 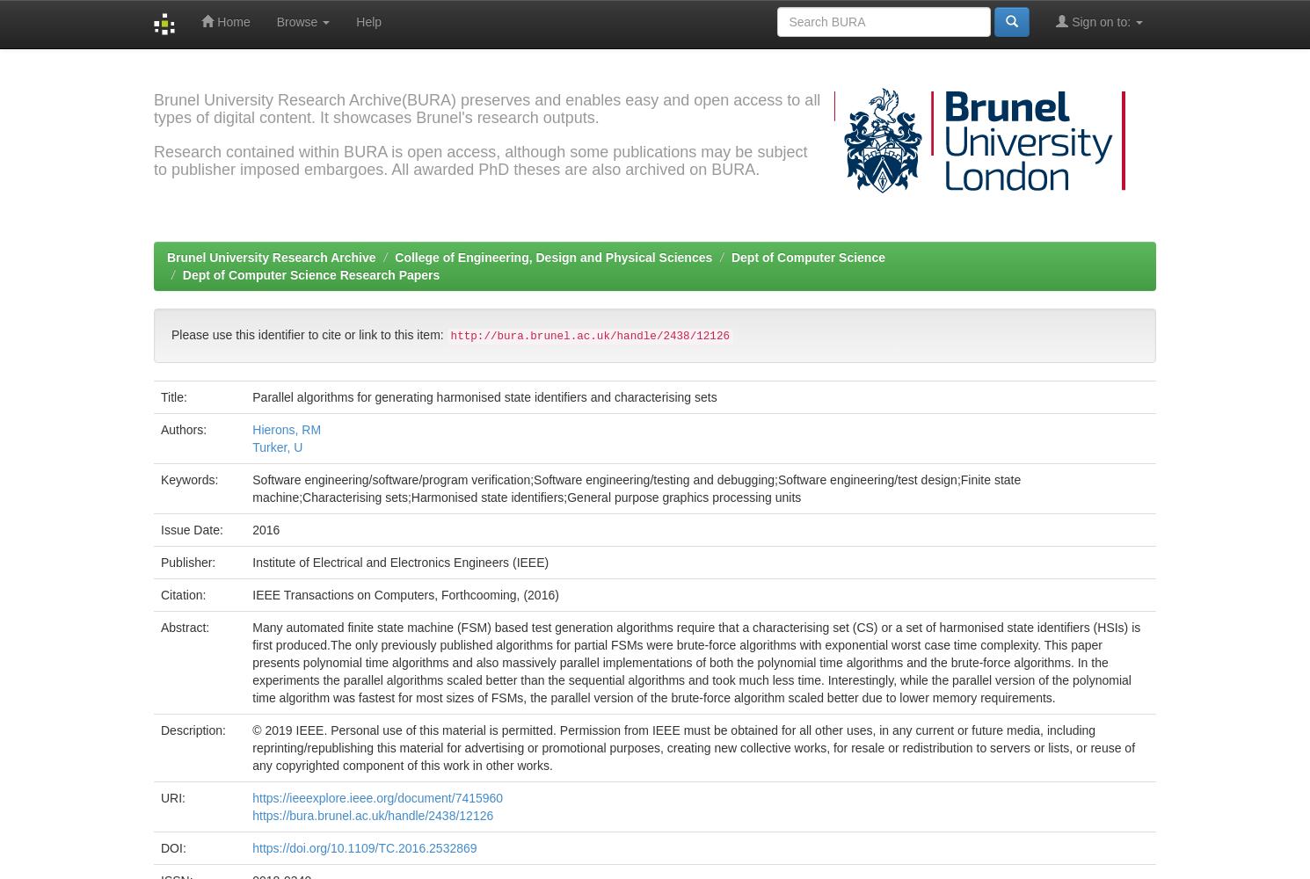 What do you see at coordinates (174, 797) in the screenshot?
I see `'URI:'` at bounding box center [174, 797].